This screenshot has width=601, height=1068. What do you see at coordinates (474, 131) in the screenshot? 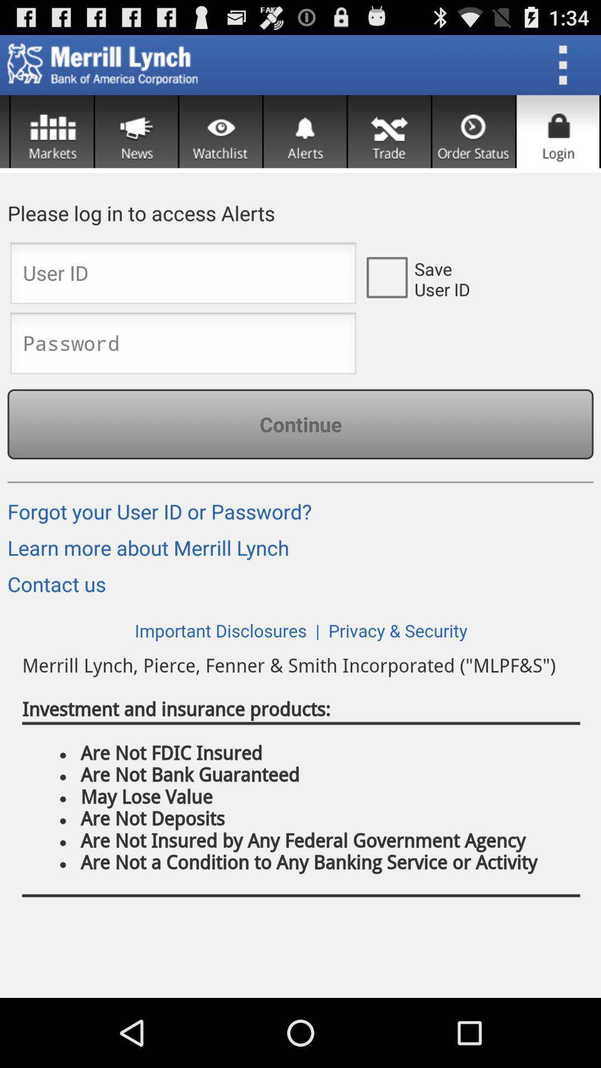
I see `order status button` at bounding box center [474, 131].